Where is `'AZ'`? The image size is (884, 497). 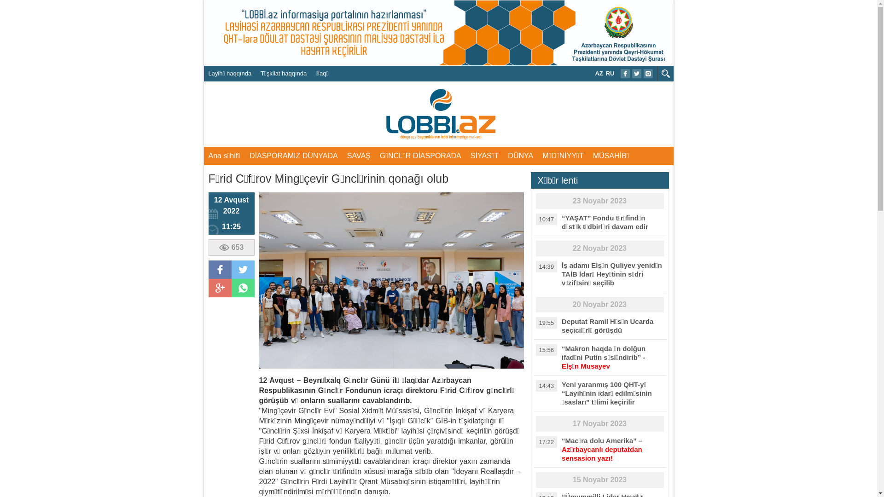 'AZ' is located at coordinates (599, 73).